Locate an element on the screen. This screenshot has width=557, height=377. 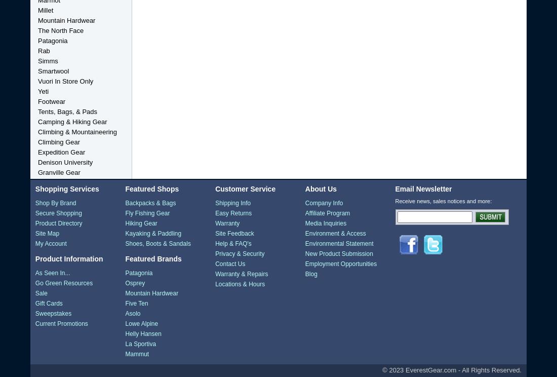
'Denison University' is located at coordinates (65, 162).